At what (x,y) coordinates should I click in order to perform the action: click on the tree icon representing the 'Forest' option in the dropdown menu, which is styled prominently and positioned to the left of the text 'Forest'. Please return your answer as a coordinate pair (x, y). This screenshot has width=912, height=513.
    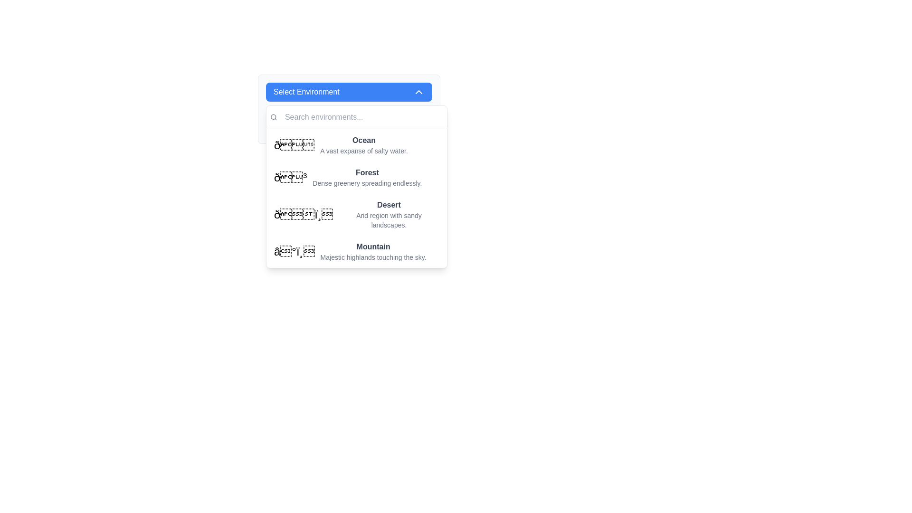
    Looking at the image, I should click on (290, 178).